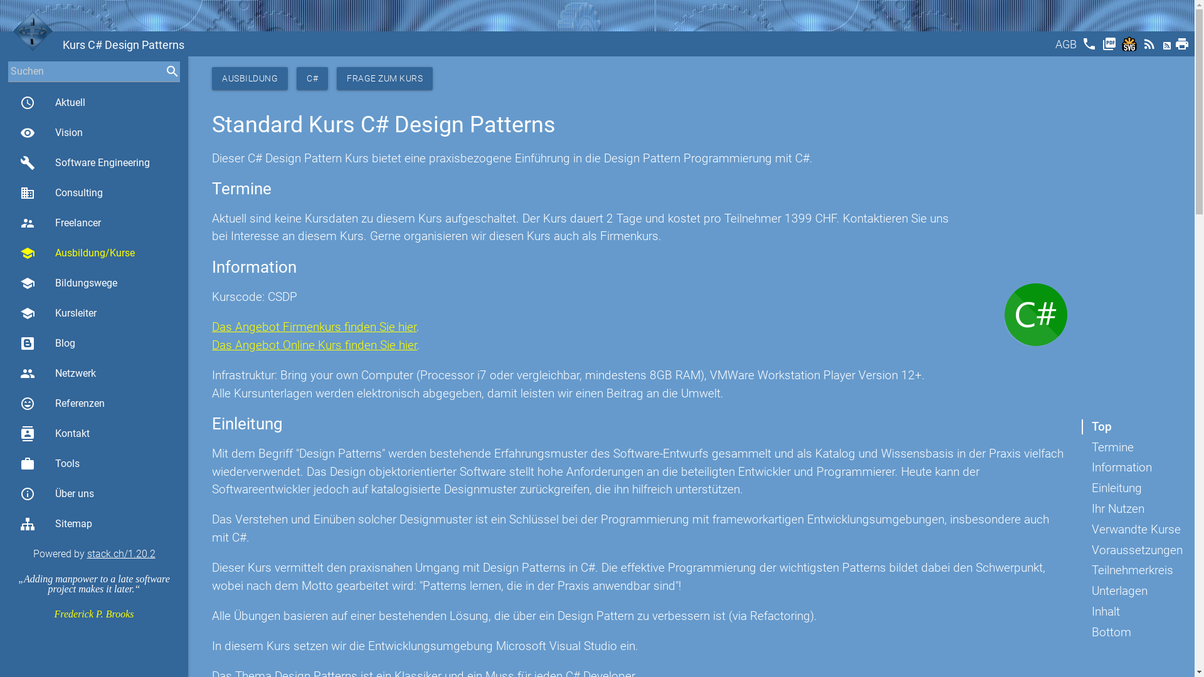  Describe the element at coordinates (1182, 47) in the screenshot. I see `'print'` at that location.